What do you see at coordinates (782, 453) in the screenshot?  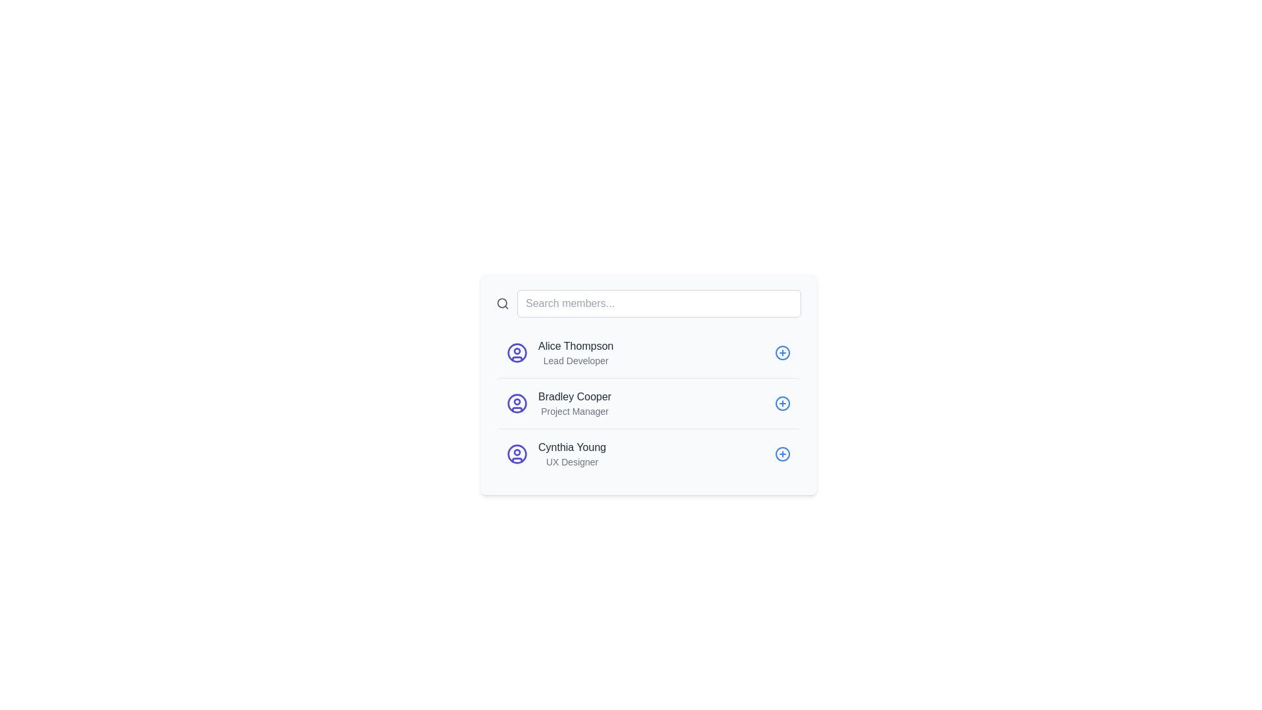 I see `the circular blue button with a plus sign located to the right of the 'Cynthia Young, UX Designer' item in the vertically stacked list` at bounding box center [782, 453].